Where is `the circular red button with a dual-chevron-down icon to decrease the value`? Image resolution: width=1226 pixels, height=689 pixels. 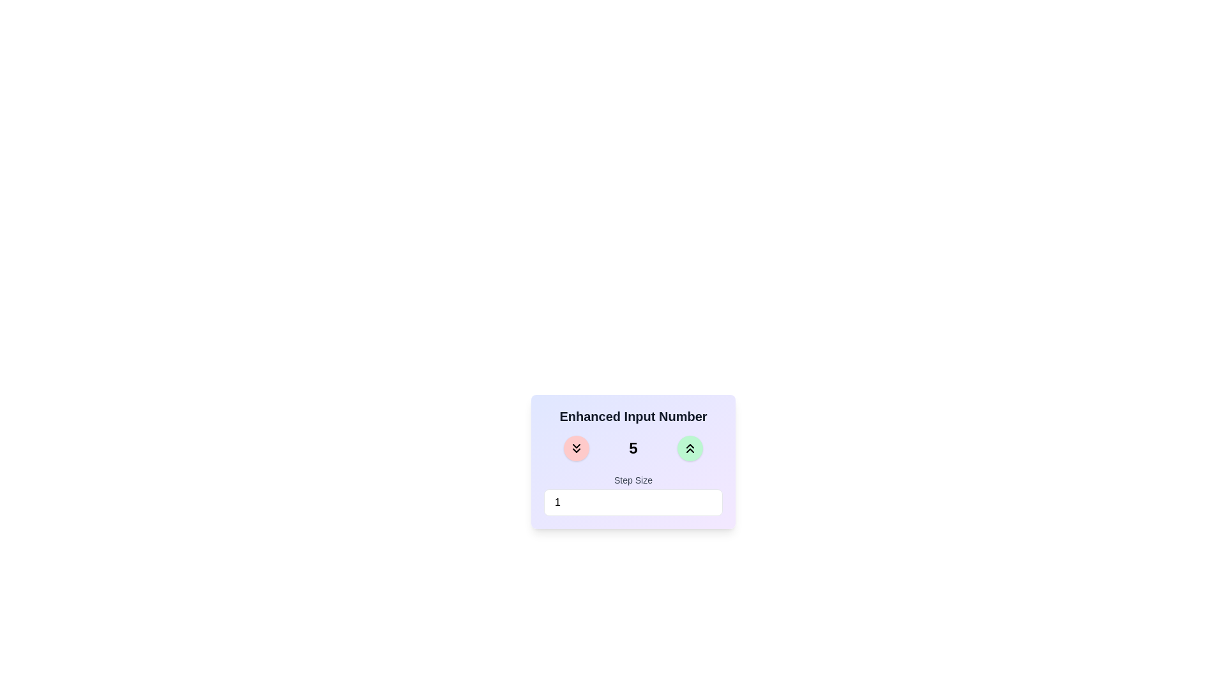 the circular red button with a dual-chevron-down icon to decrease the value is located at coordinates (576, 447).